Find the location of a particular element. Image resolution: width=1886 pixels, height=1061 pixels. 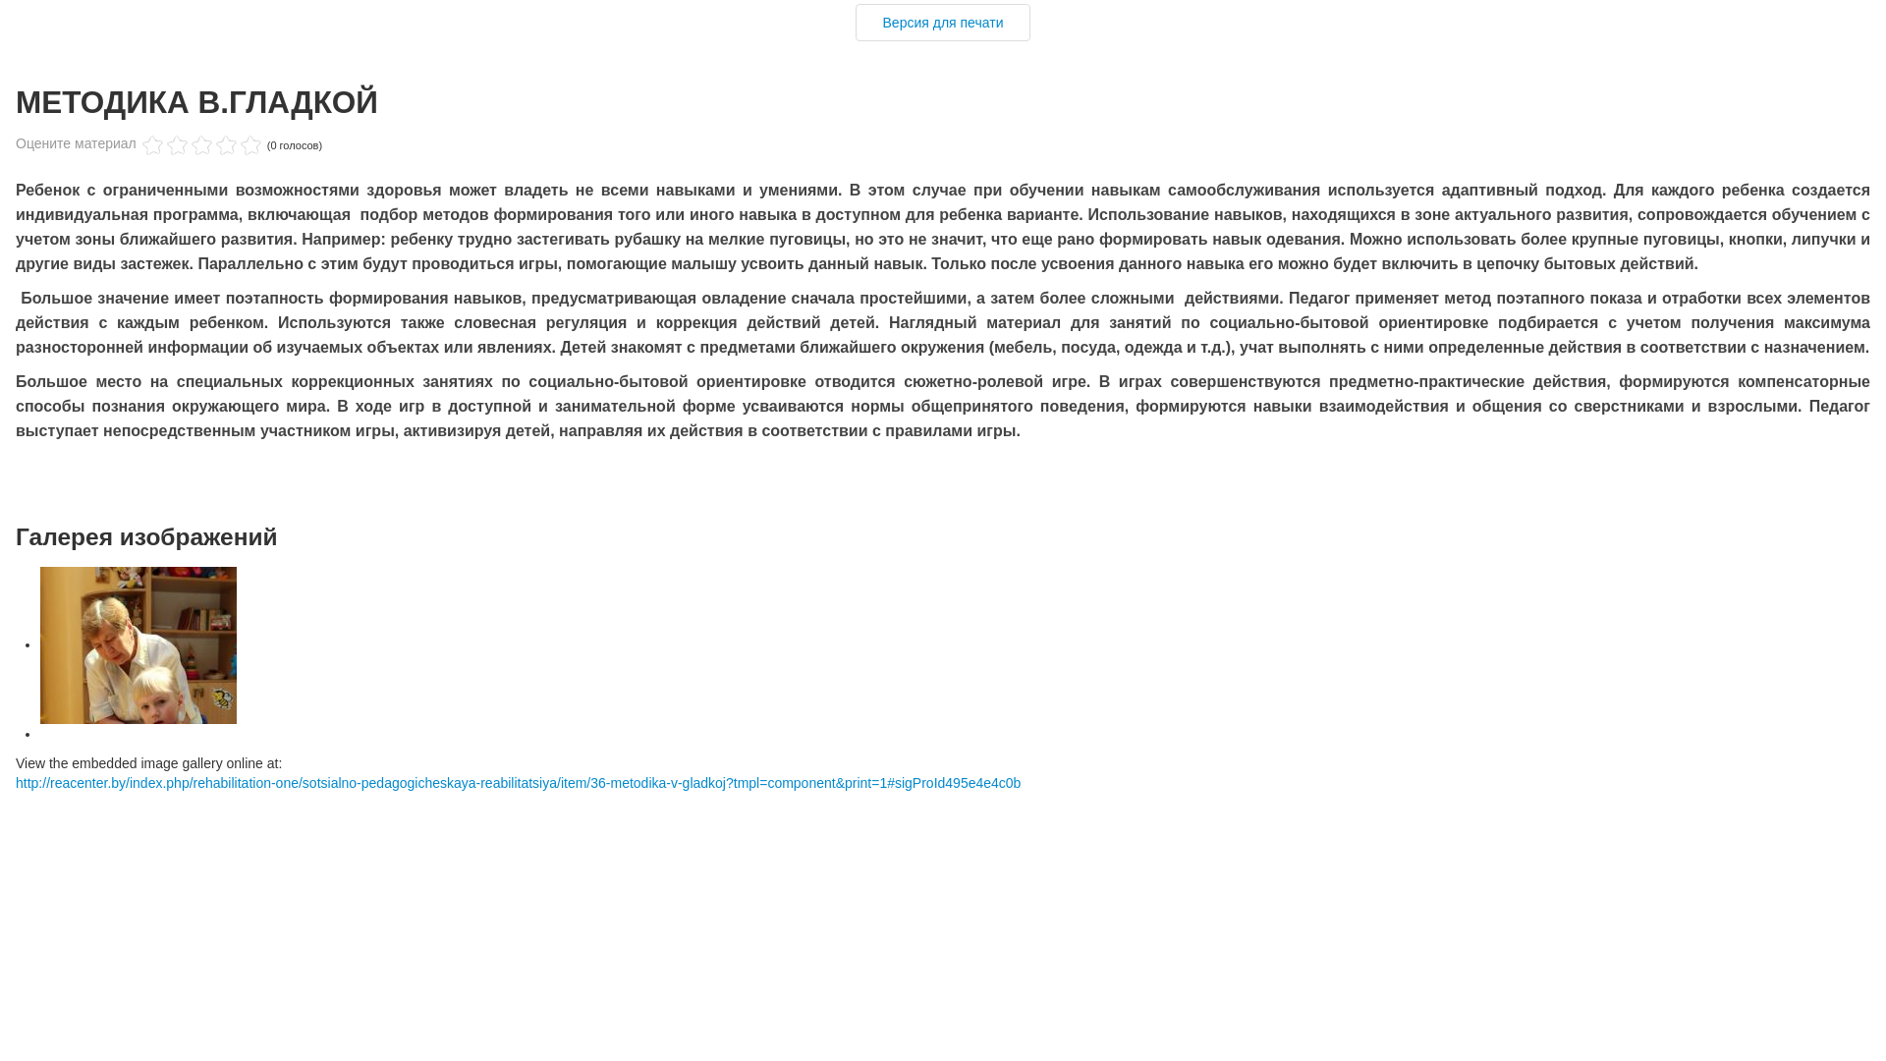

'4' is located at coordinates (189, 144).